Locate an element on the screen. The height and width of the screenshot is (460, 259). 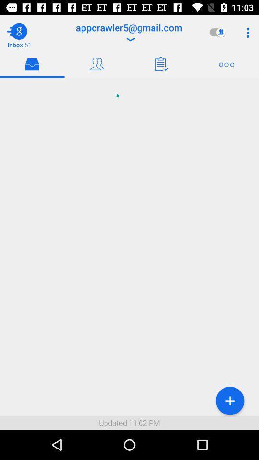
the add icon is located at coordinates (229, 428).